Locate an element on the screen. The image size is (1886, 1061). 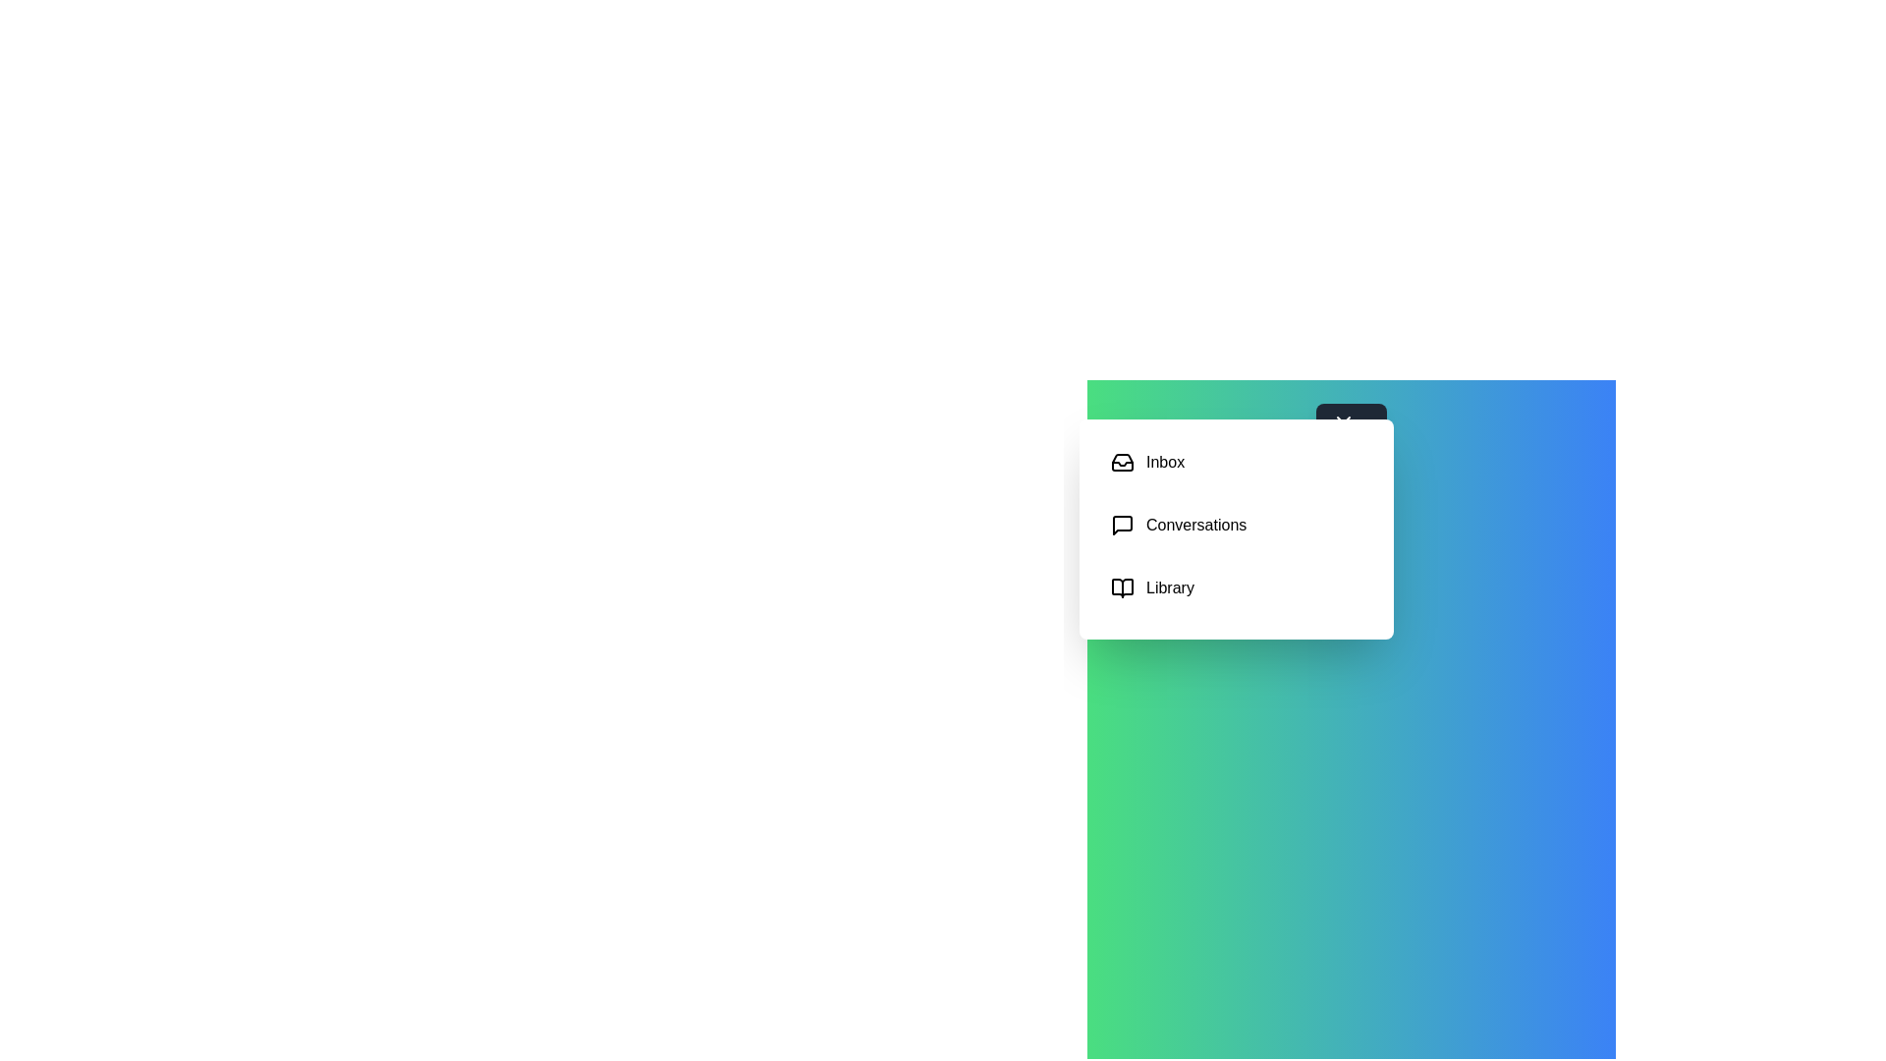
the category Library to select it is located at coordinates (1235, 586).